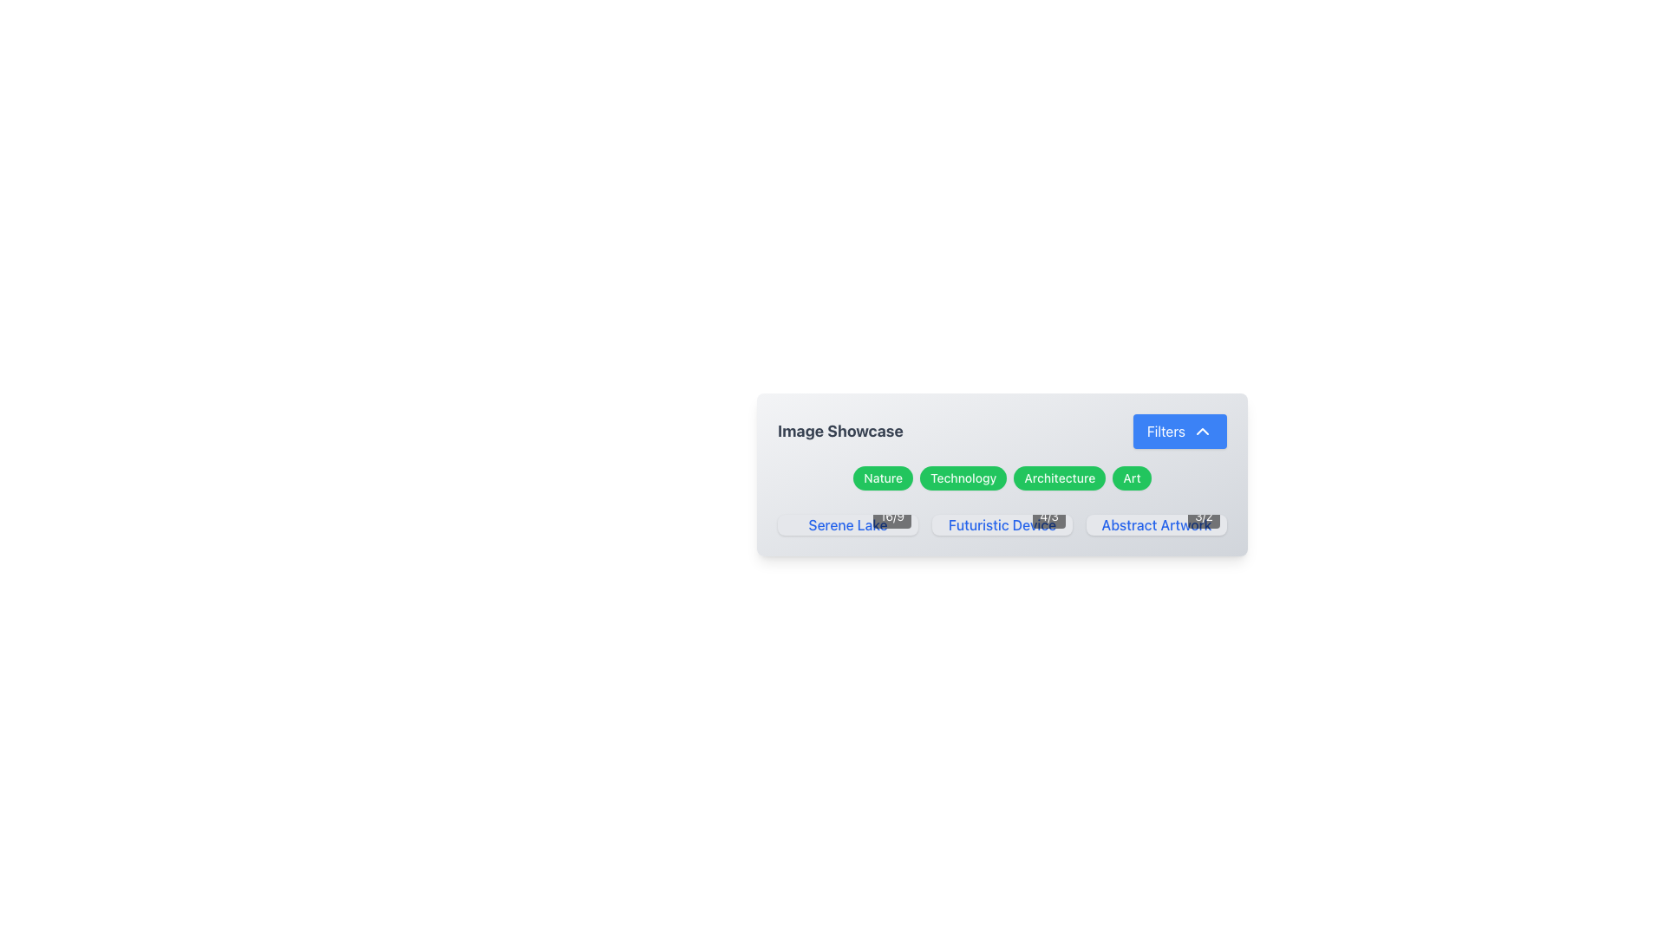  What do you see at coordinates (1157, 523) in the screenshot?
I see `the rightmost text label that identifies a selectable option, located immediately after 'Futuristic Device' in the lower part of the interface` at bounding box center [1157, 523].